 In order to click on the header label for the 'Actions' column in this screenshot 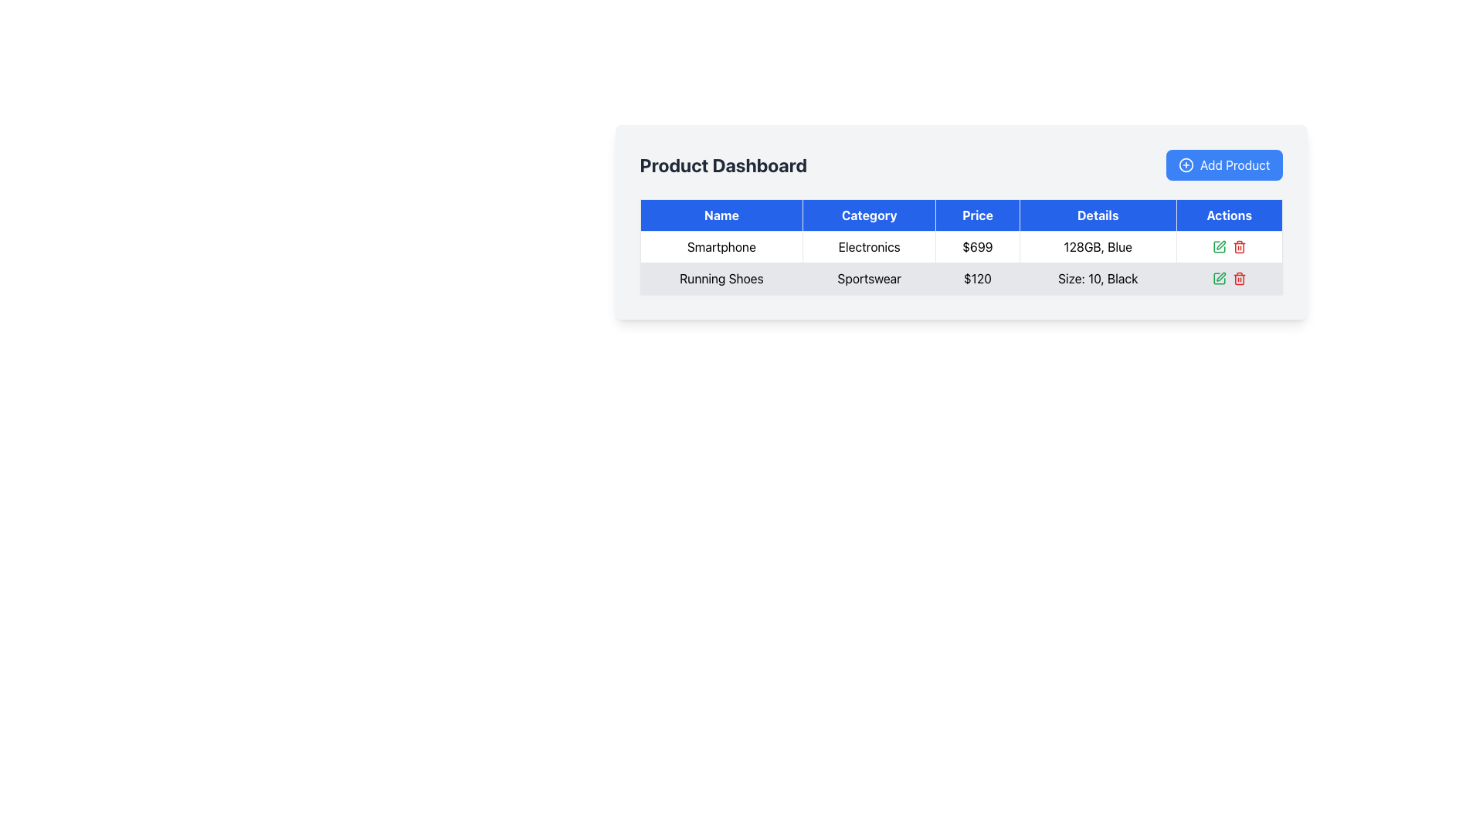, I will do `click(1228, 215)`.